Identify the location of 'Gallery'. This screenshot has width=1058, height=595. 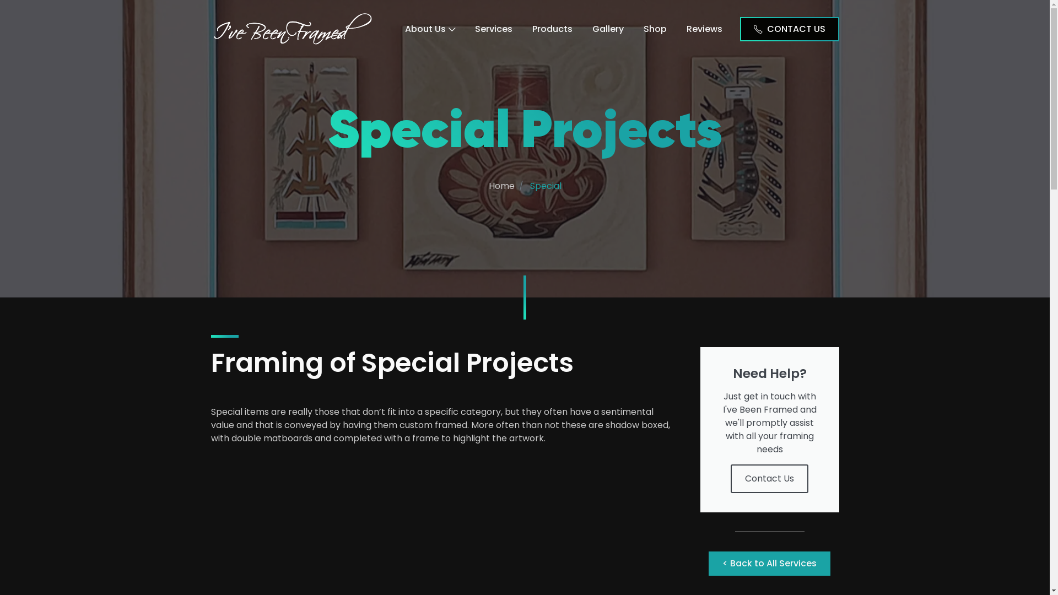
(607, 28).